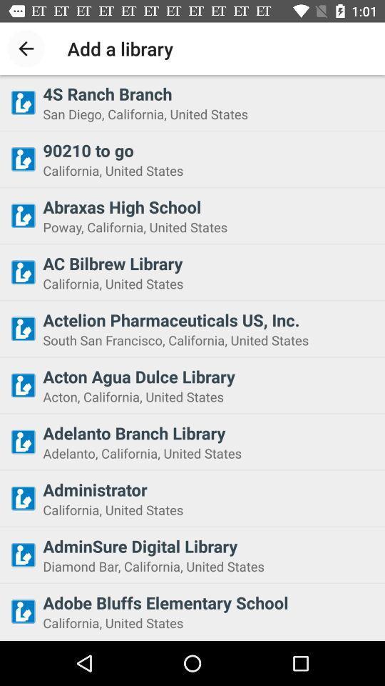  Describe the element at coordinates (209, 206) in the screenshot. I see `the abraxas high school` at that location.